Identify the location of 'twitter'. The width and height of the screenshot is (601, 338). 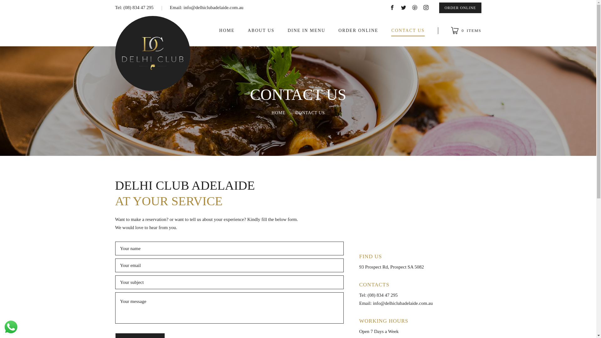
(403, 7).